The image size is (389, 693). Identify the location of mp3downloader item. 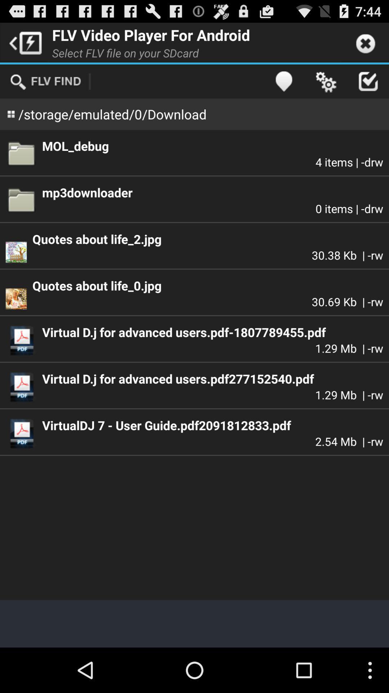
(212, 192).